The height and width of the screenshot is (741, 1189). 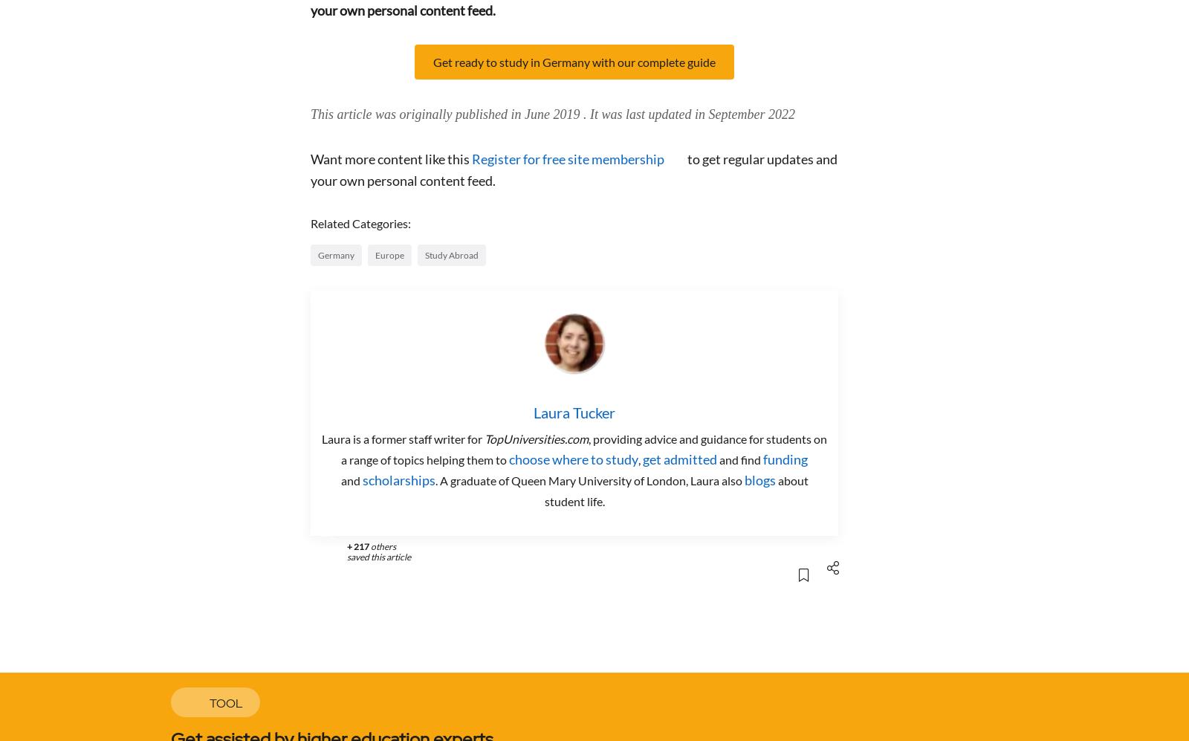 I want to click on ', providing advice and guidance for students on a range of topics helping them to', so click(x=584, y=448).